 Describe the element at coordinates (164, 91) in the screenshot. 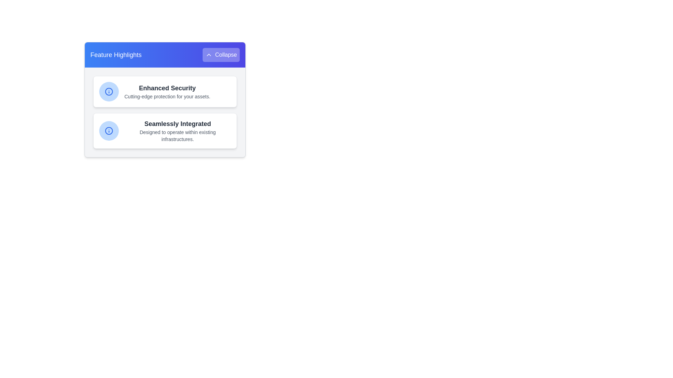

I see `the Informational display section titled 'Enhanced Security'` at that location.